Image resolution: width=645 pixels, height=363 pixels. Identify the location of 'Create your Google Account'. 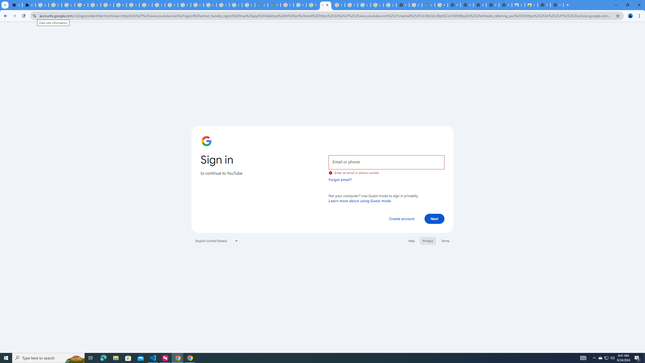
(248, 5).